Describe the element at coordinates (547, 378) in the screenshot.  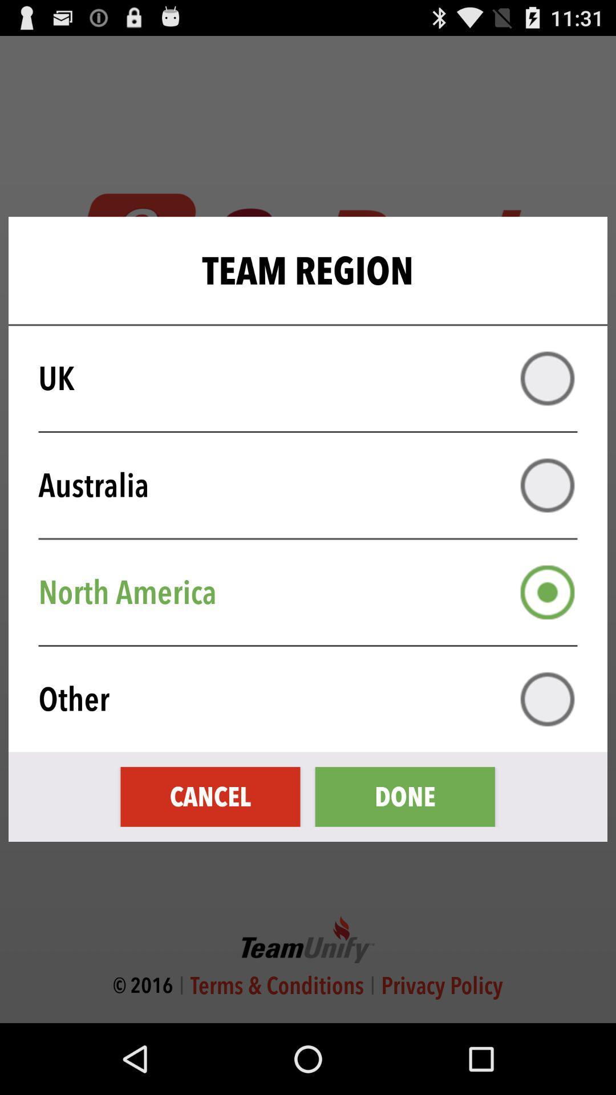
I see `uk team region` at that location.